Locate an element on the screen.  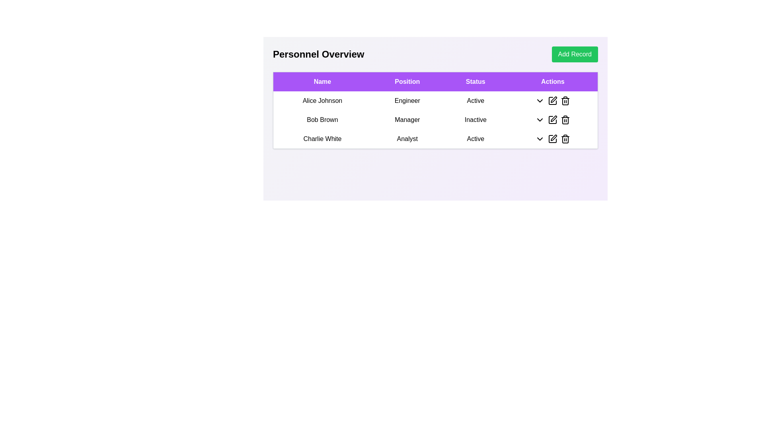
the text element representing the name 'Bob Brown' is located at coordinates (322, 120).